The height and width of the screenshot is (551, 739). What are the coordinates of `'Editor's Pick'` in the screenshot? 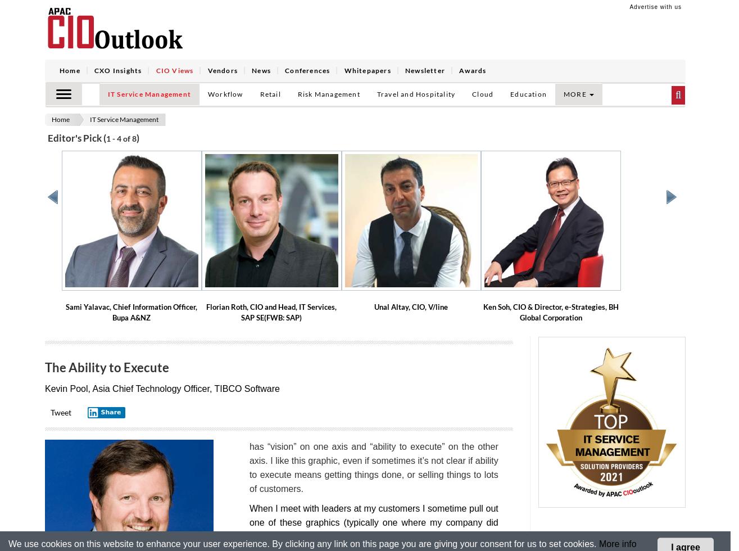 It's located at (75, 137).